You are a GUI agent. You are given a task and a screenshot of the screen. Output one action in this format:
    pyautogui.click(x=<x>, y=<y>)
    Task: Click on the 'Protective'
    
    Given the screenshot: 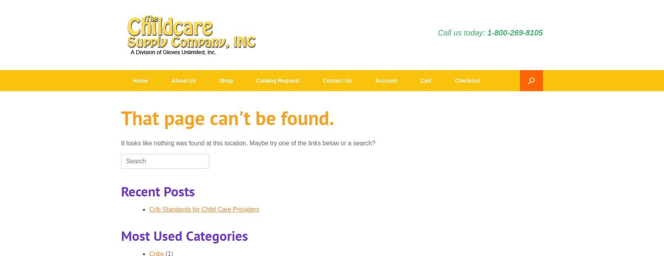 What is the action you would take?
    pyautogui.click(x=310, y=134)
    